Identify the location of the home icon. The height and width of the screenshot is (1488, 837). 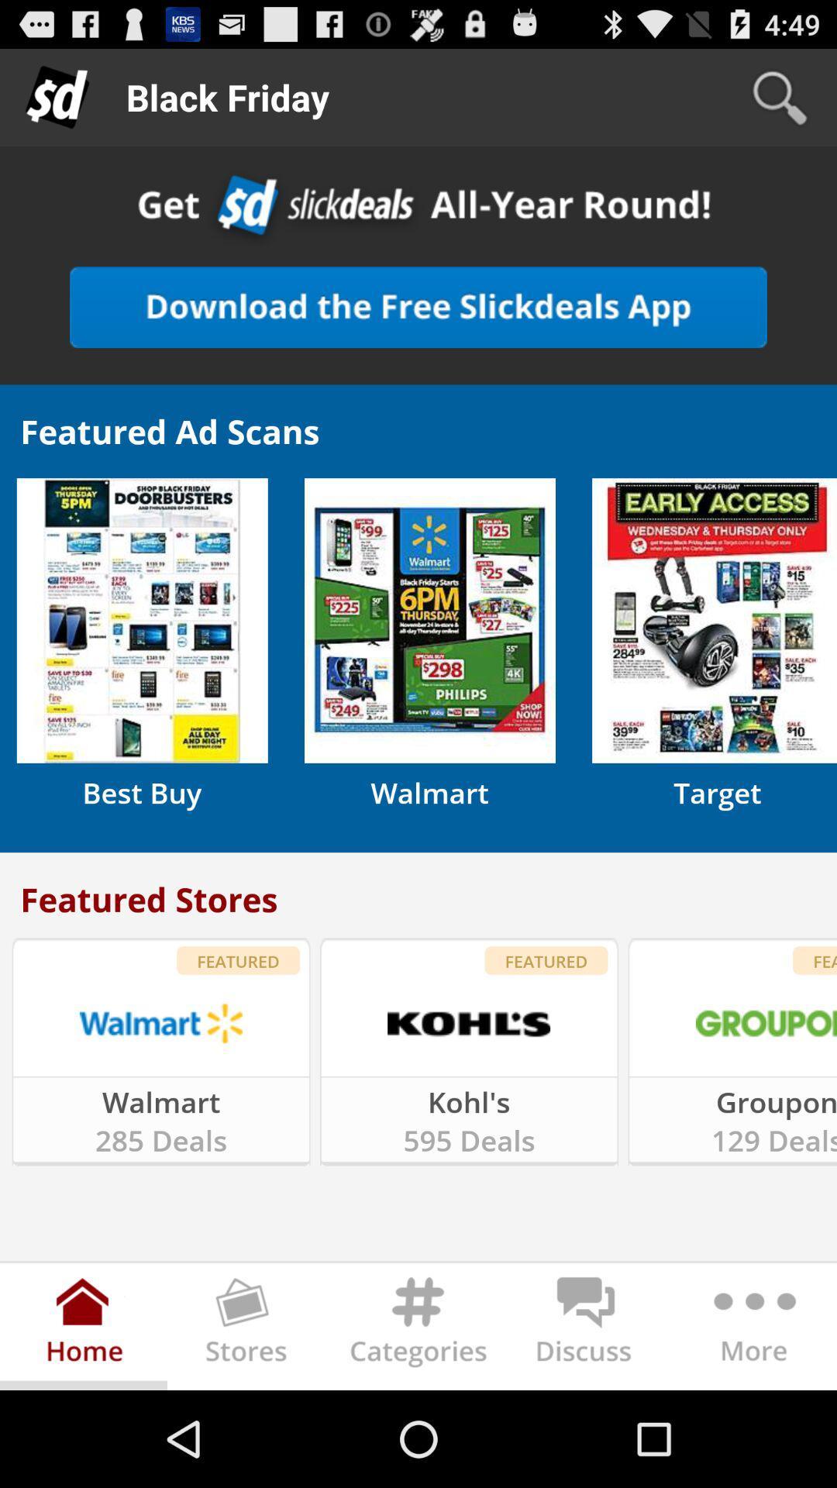
(84, 1423).